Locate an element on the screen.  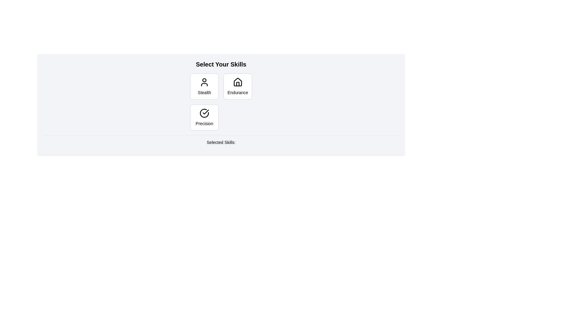
the text label that displays 'Selected Skills:' positioned at the bottom of the user interface, directly beneath the skills selection section is located at coordinates (221, 142).